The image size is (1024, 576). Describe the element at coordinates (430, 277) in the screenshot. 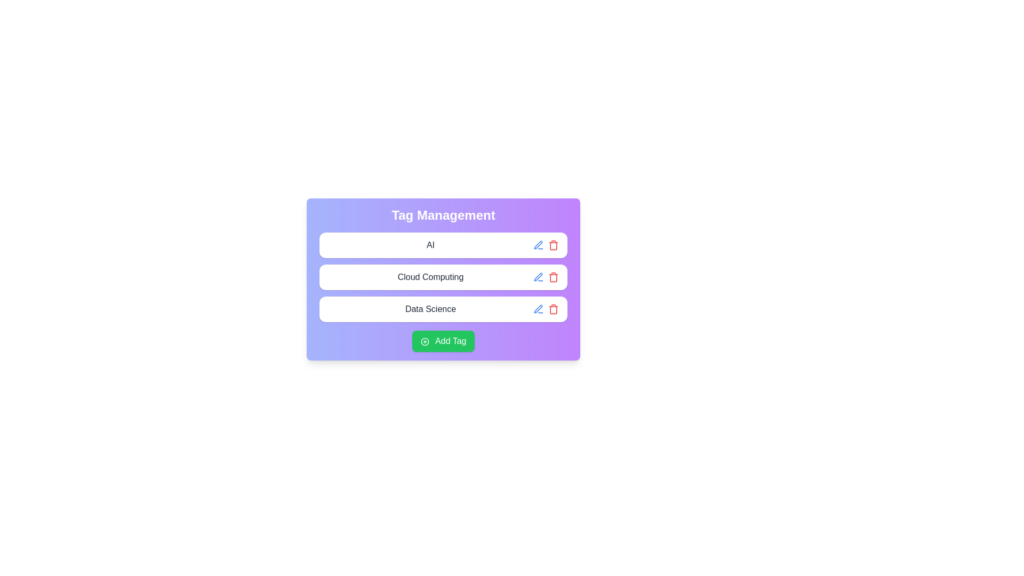

I see `textual label that displays 'Cloud Computing', which is styled in dark gray text on a white background, located in the center of the 'Tag Management' interface, situated between 'AI' and 'Data Science'` at that location.